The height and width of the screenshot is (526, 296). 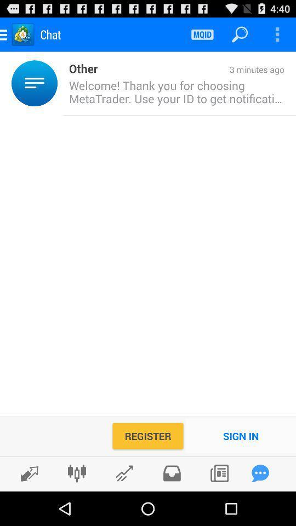 What do you see at coordinates (190, 70) in the screenshot?
I see `the icon next to the other item` at bounding box center [190, 70].